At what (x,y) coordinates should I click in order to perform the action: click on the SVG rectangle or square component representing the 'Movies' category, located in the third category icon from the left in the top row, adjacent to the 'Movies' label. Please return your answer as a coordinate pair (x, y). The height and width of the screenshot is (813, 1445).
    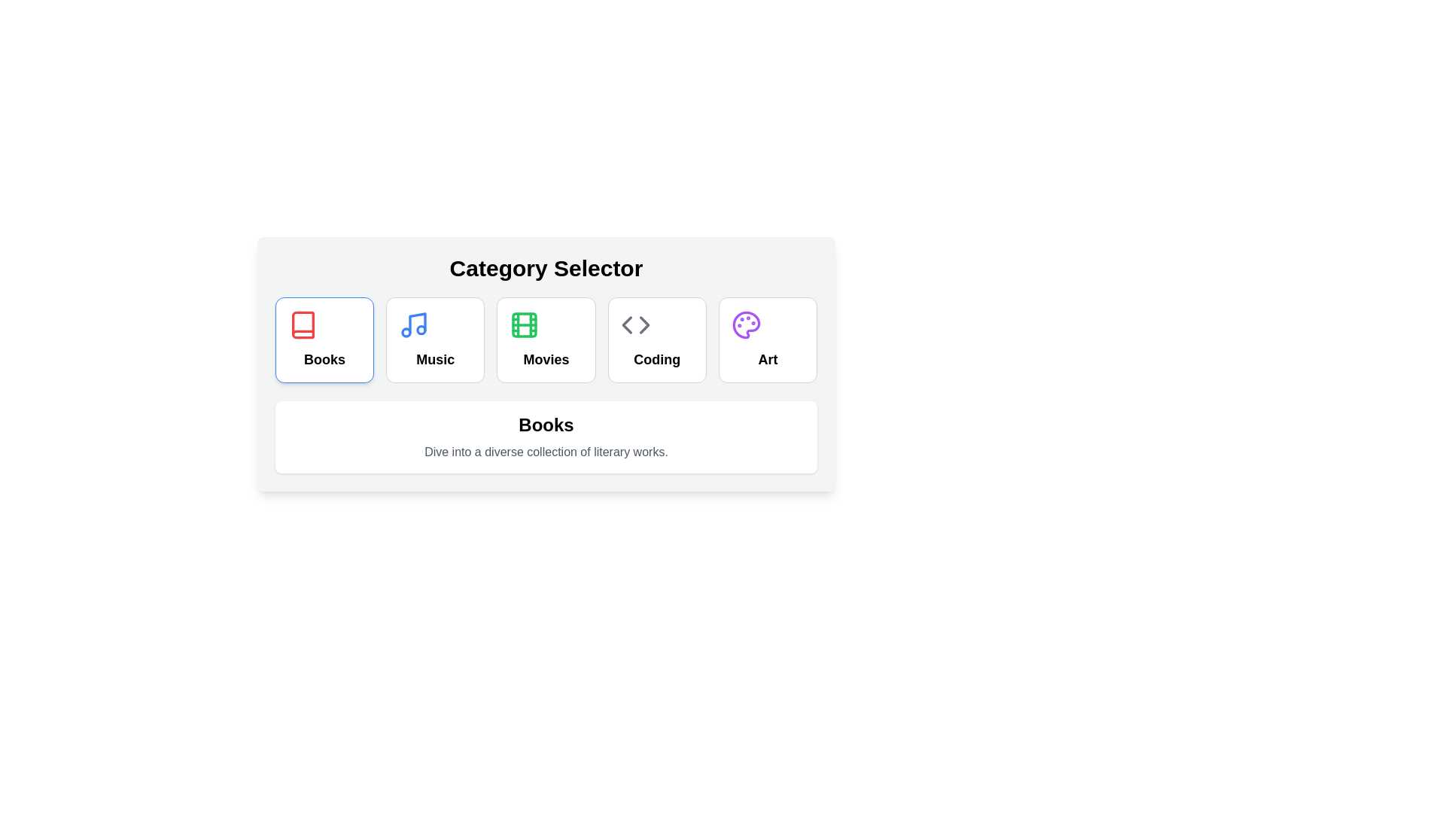
    Looking at the image, I should click on (525, 324).